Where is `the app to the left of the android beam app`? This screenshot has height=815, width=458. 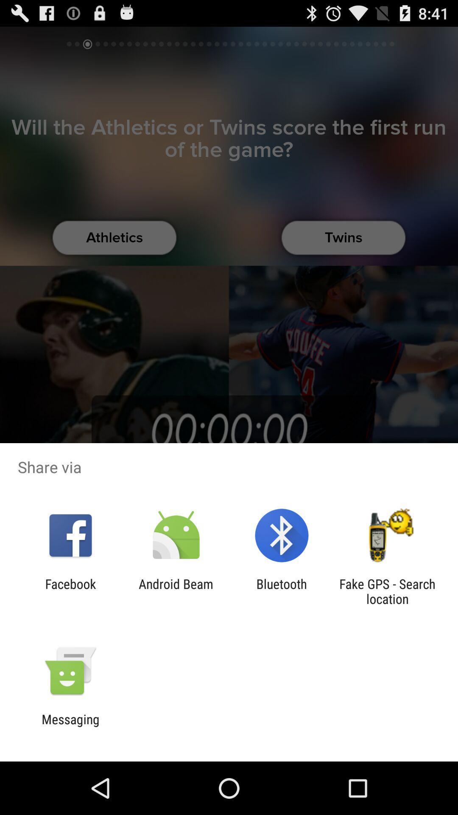
the app to the left of the android beam app is located at coordinates (70, 591).